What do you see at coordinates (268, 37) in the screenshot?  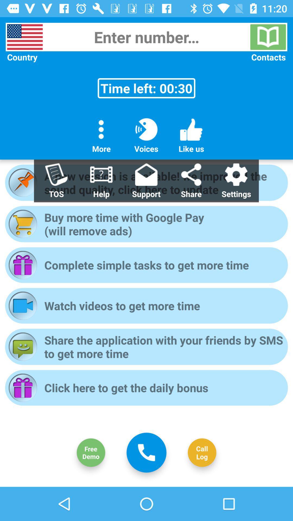 I see `the book icon` at bounding box center [268, 37].